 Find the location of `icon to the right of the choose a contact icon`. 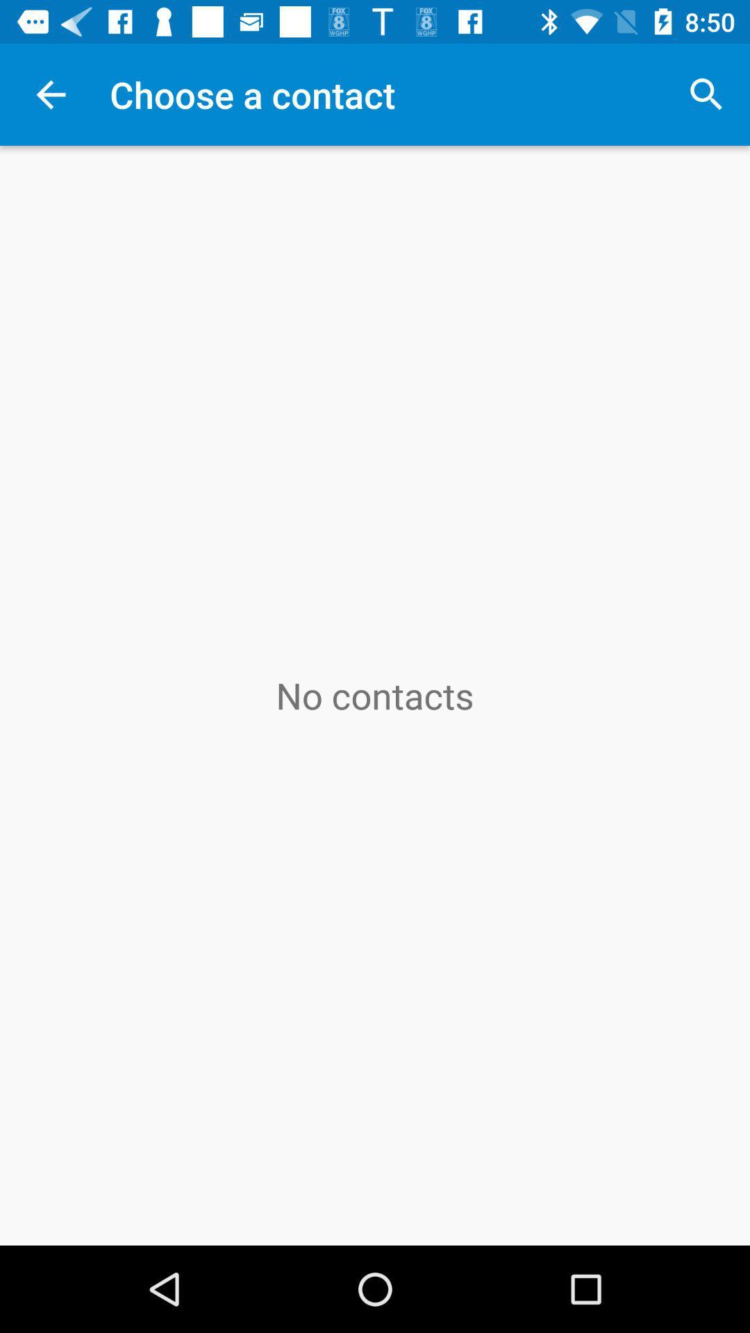

icon to the right of the choose a contact icon is located at coordinates (706, 94).